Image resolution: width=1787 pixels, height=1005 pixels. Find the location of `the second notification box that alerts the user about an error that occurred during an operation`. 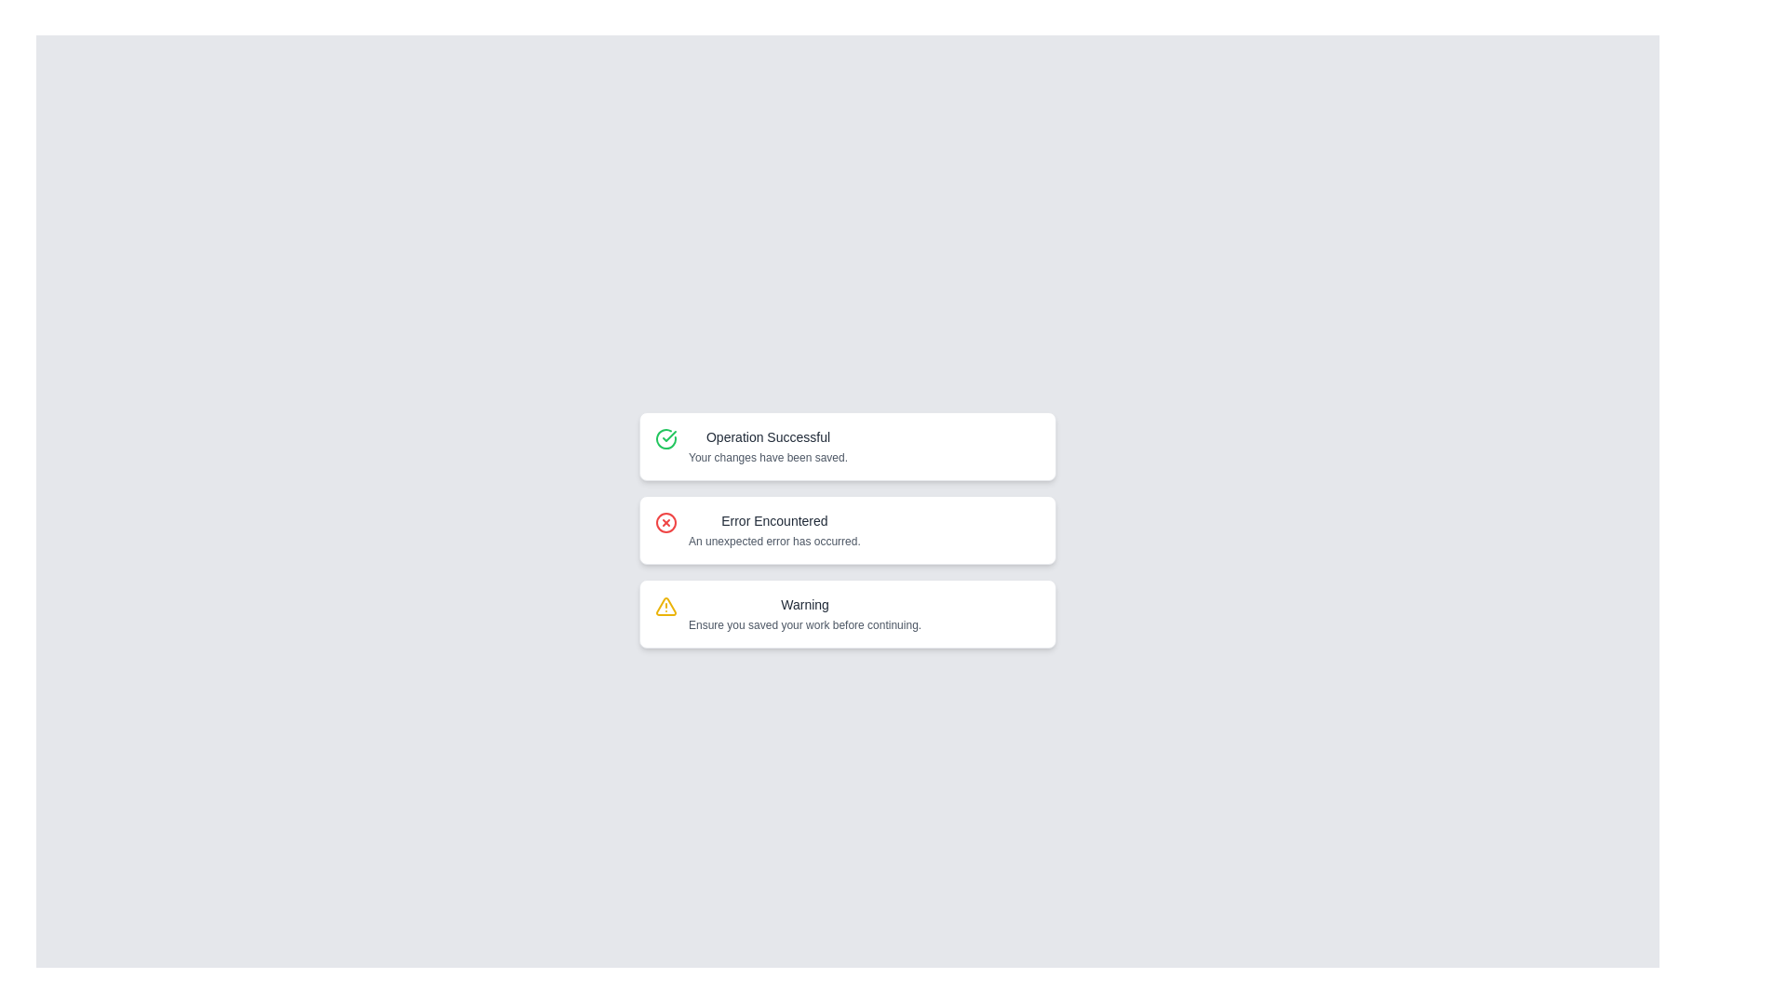

the second notification box that alerts the user about an error that occurred during an operation is located at coordinates (847, 530).